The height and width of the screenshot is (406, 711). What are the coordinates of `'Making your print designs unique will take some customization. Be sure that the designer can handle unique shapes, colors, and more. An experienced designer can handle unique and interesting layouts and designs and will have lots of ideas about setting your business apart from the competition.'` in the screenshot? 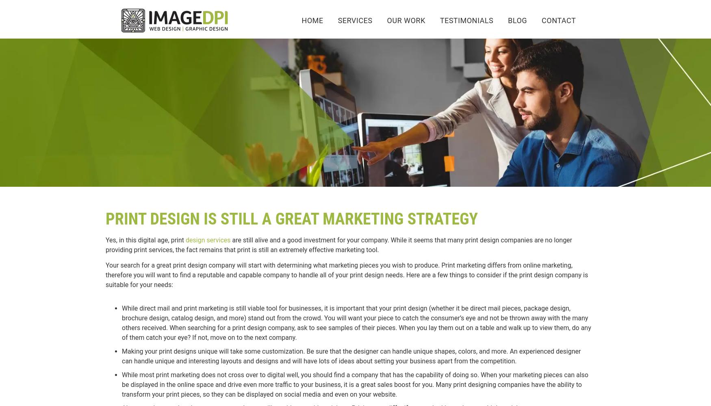 It's located at (351, 356).